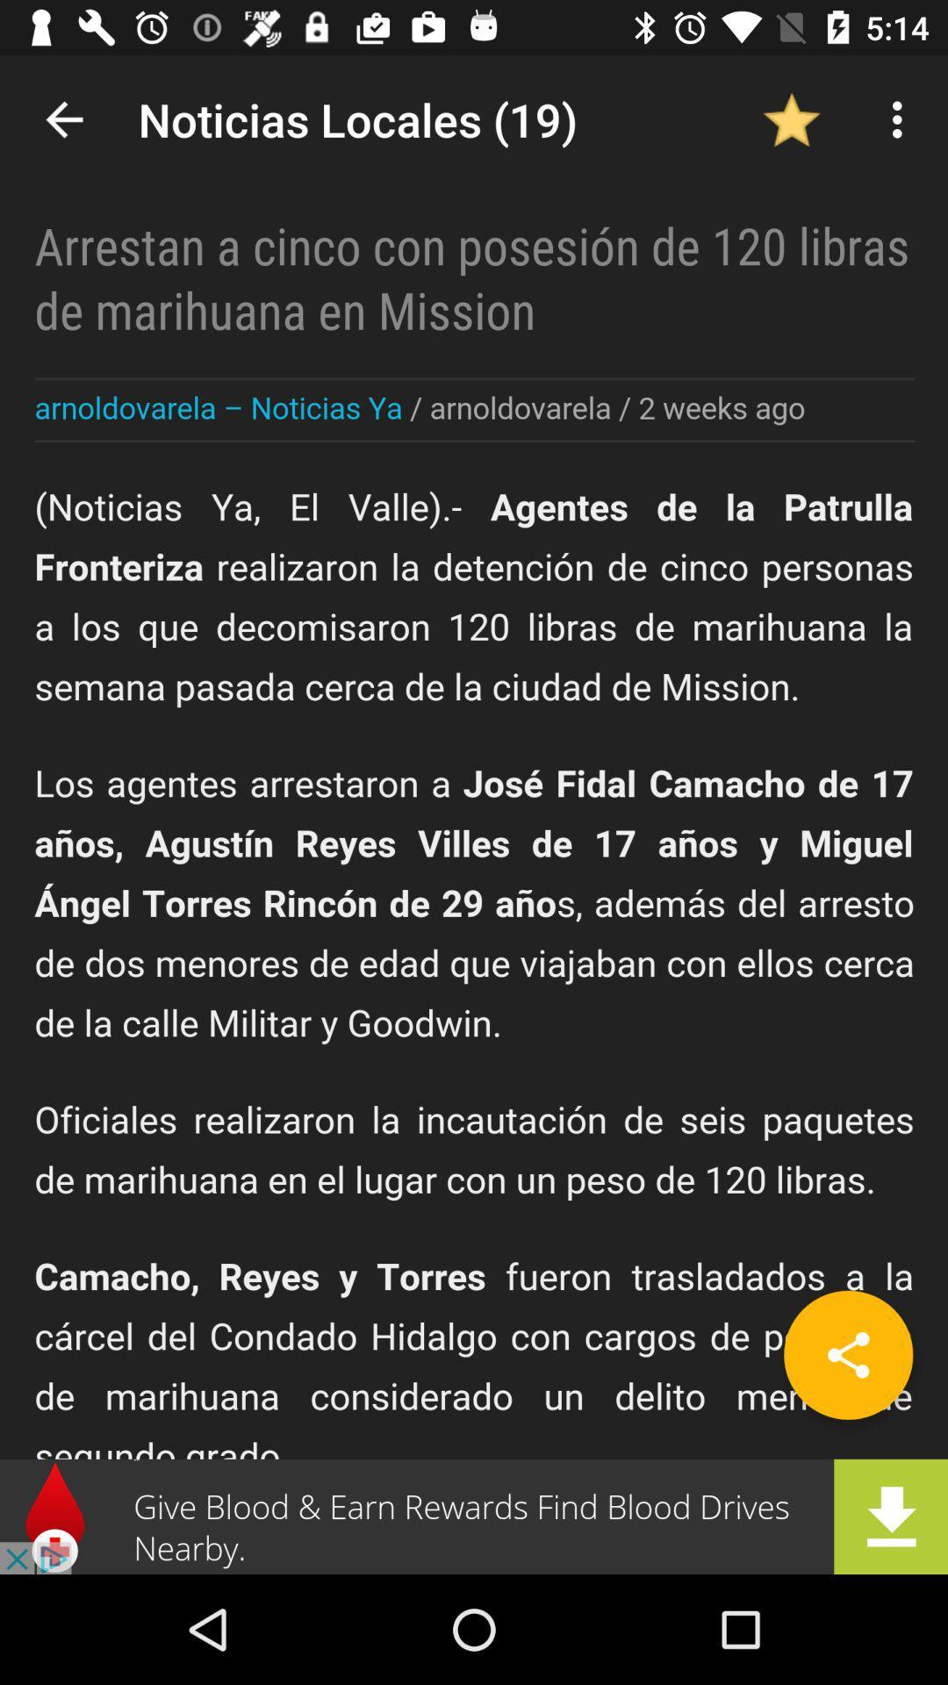 Image resolution: width=948 pixels, height=1685 pixels. What do you see at coordinates (474, 1516) in the screenshot?
I see `advertisement banner` at bounding box center [474, 1516].